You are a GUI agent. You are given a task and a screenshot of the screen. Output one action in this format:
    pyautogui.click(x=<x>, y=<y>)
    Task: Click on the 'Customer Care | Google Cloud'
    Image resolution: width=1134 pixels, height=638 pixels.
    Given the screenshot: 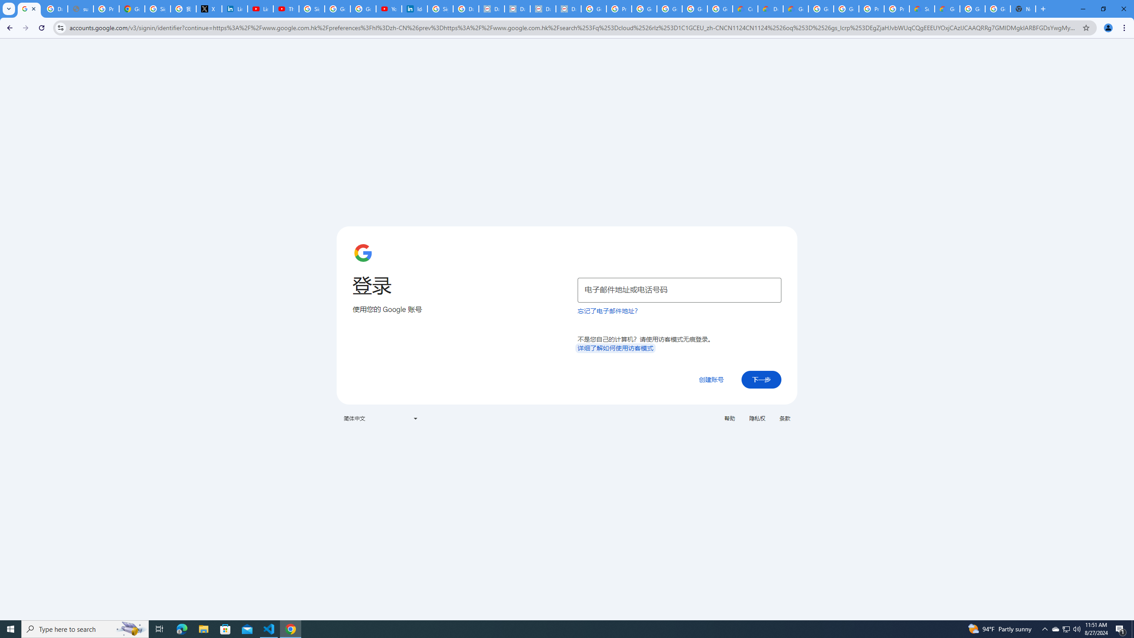 What is the action you would take?
    pyautogui.click(x=746, y=8)
    